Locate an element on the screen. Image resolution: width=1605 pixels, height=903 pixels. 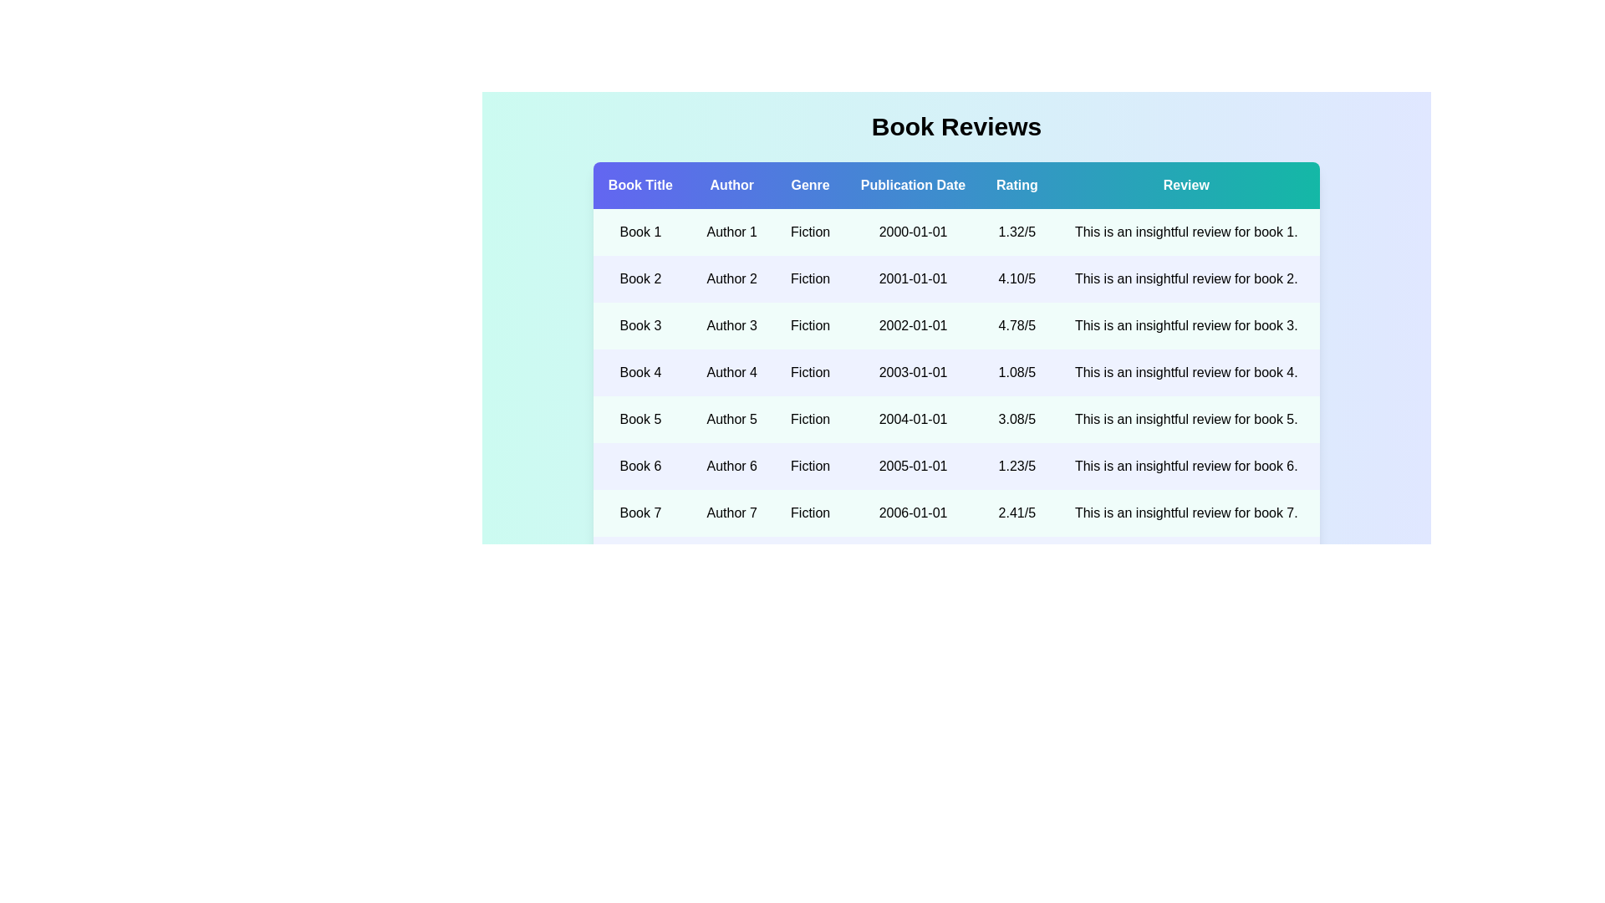
the column header Rating to sort the data by that column is located at coordinates (1016, 186).